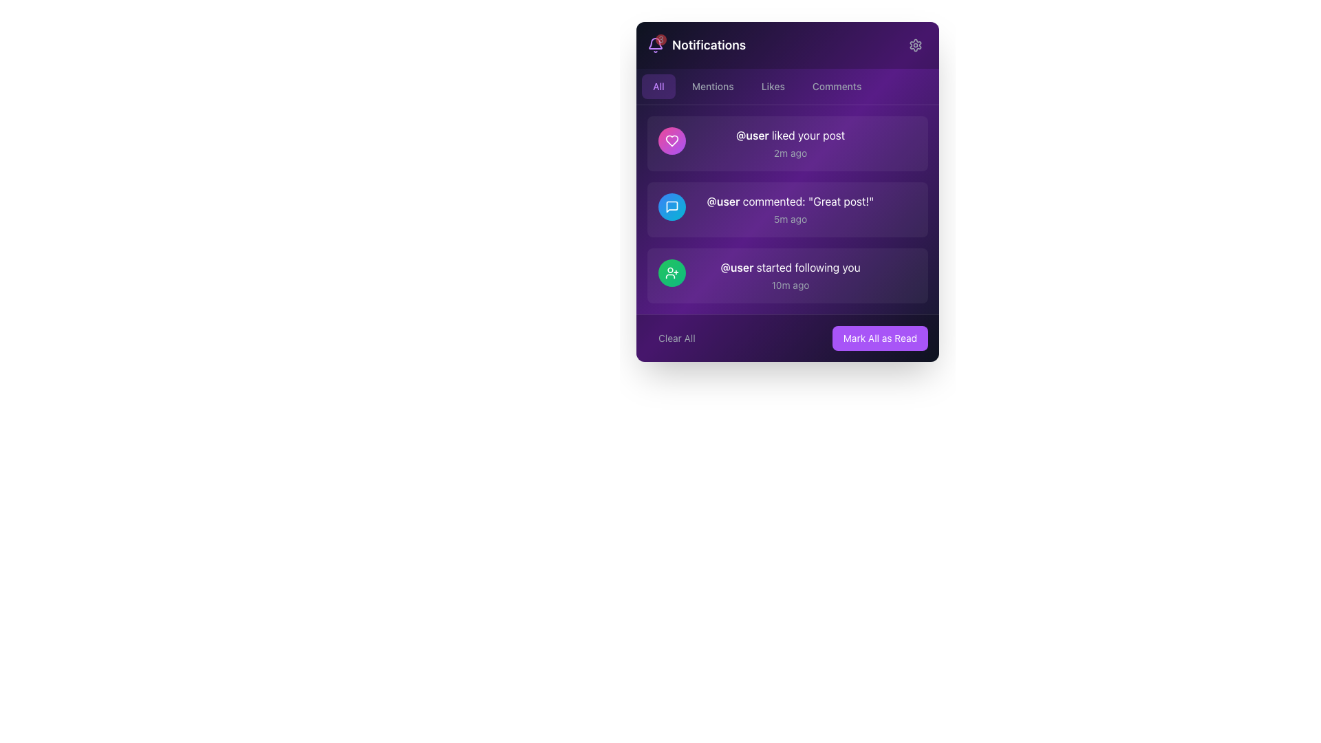  What do you see at coordinates (790, 135) in the screenshot?
I see `the text label that indicates '@user' has liked the user's post, which is the first notification item in the vertical stack of notifications` at bounding box center [790, 135].